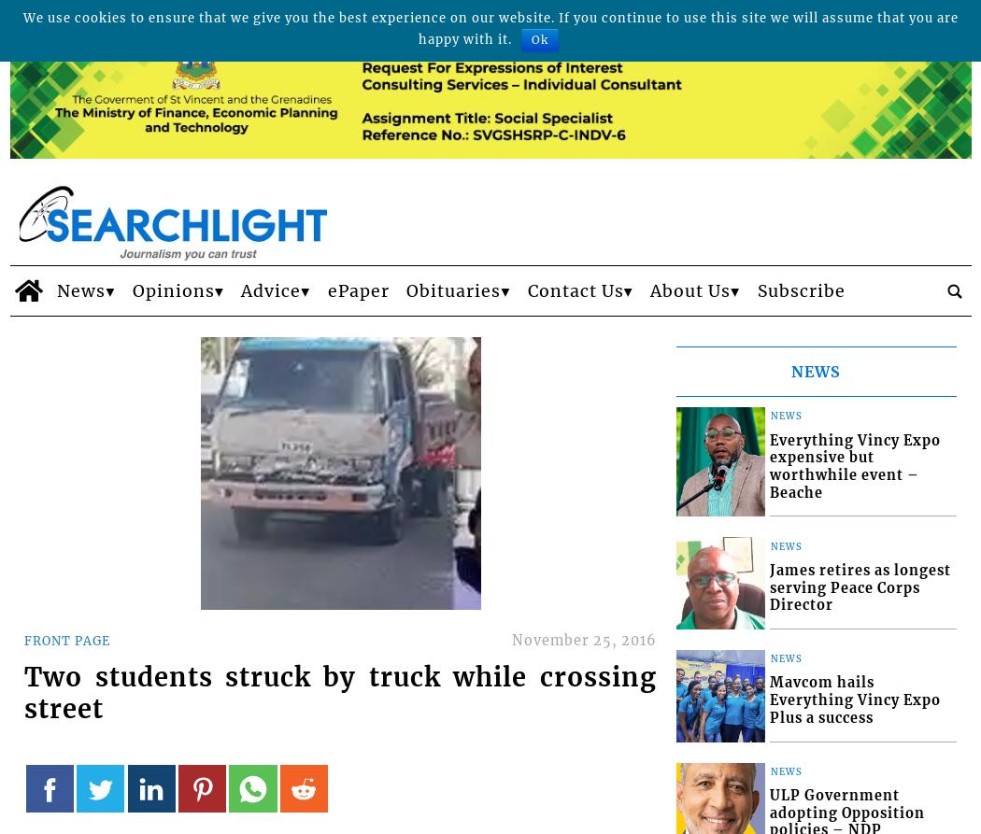 The image size is (981, 834). Describe the element at coordinates (339, 692) in the screenshot. I see `'Two students struck by truck while crossing street'` at that location.